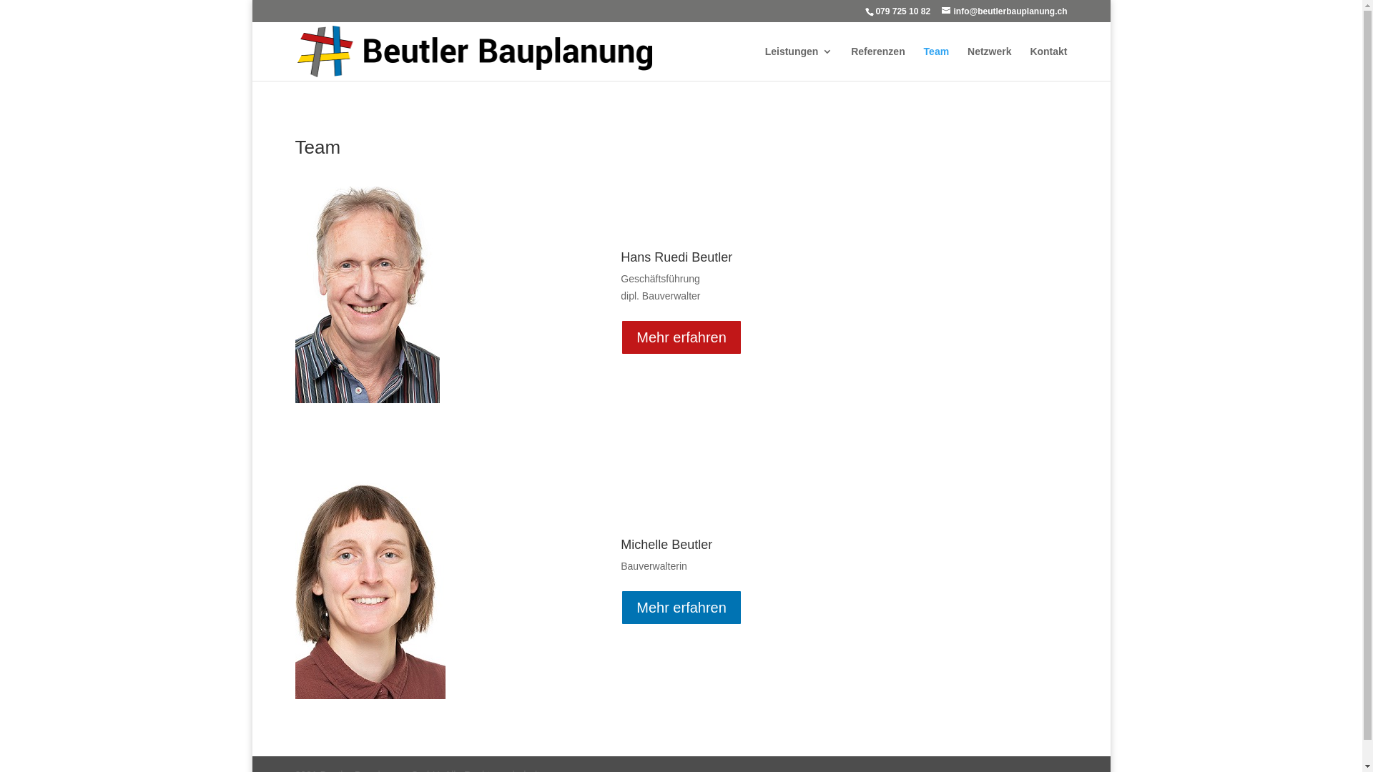 This screenshot has height=772, width=1373. I want to click on 'Mehr erfahren', so click(681, 607).